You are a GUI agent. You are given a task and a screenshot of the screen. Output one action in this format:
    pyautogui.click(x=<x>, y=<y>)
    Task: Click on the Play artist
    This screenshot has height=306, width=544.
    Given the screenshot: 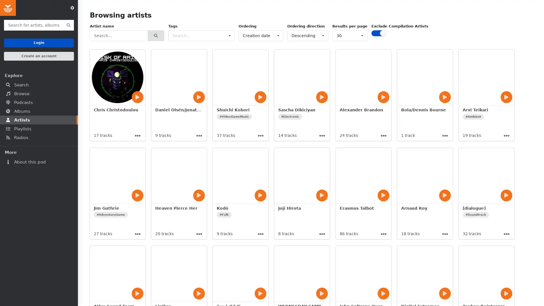 What is the action you would take?
    pyautogui.click(x=199, y=195)
    